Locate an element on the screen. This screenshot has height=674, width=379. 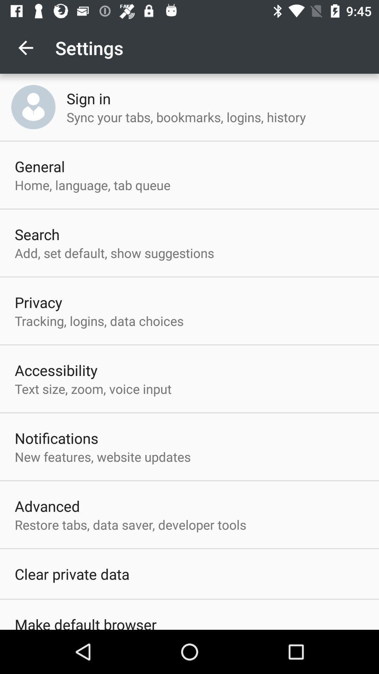
item above new features website item is located at coordinates (56, 438).